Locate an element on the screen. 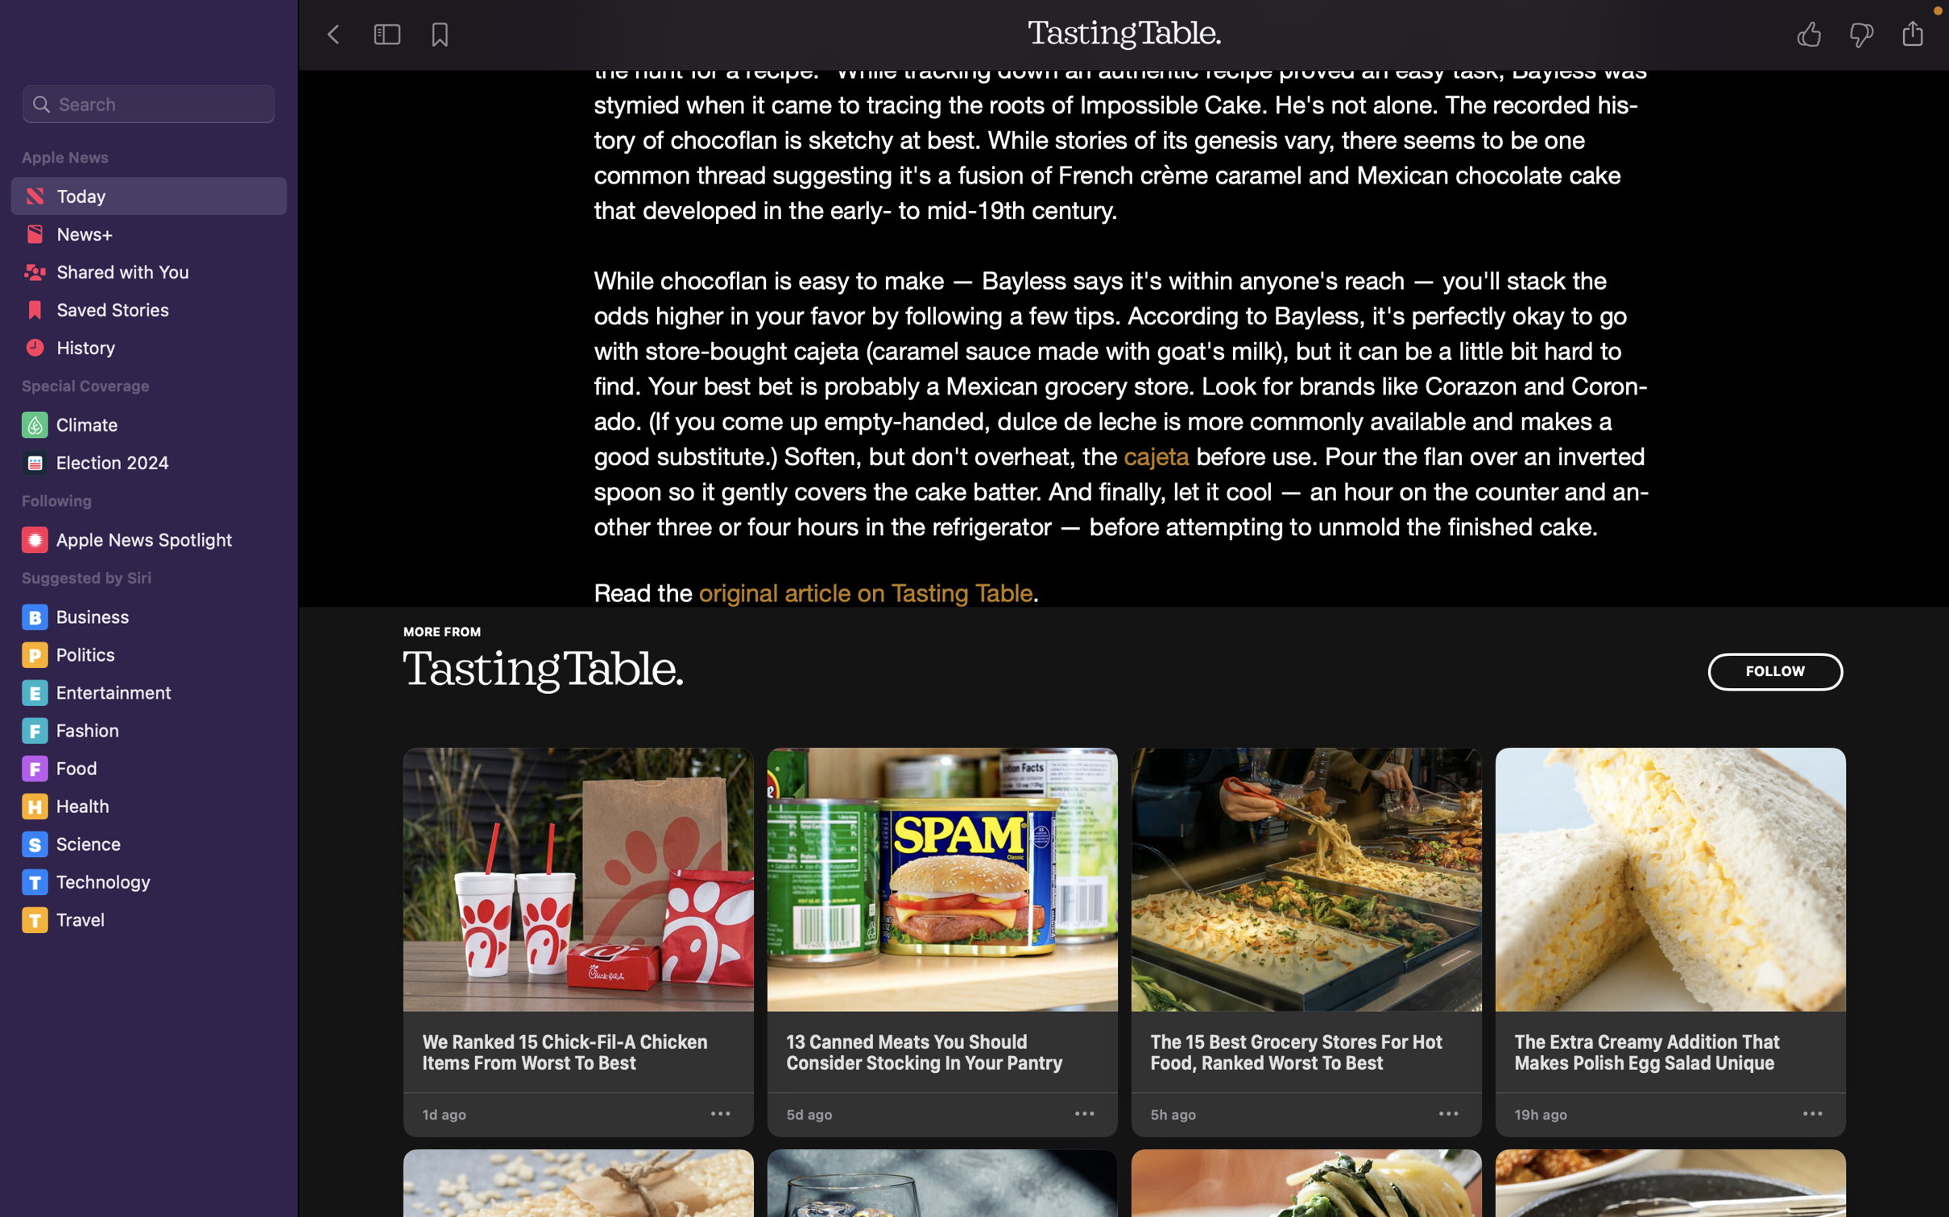 The height and width of the screenshot is (1217, 1949). the selections for the second news in Tasting Table is located at coordinates (1085, 1114).